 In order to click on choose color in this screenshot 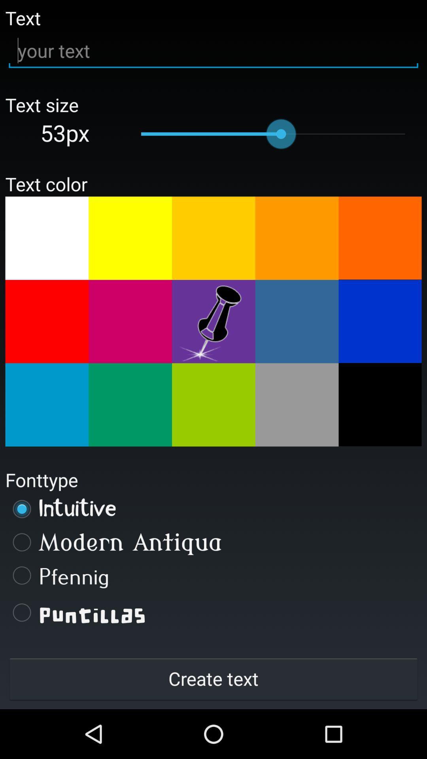, I will do `click(130, 238)`.